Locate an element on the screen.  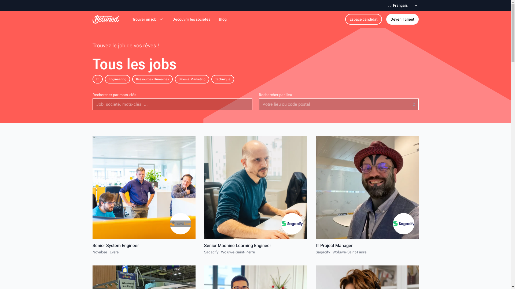
'Technique' is located at coordinates (211, 79).